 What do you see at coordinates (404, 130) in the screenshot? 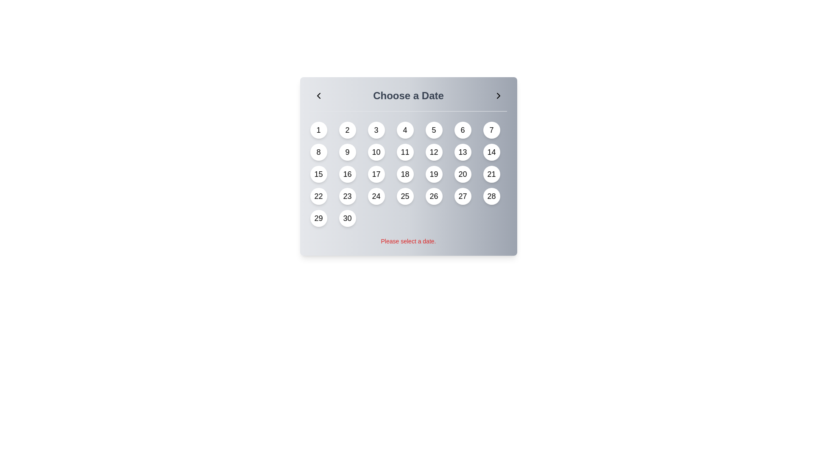
I see `the button representing the number '4' in the first row, fourth column of the grid` at bounding box center [404, 130].